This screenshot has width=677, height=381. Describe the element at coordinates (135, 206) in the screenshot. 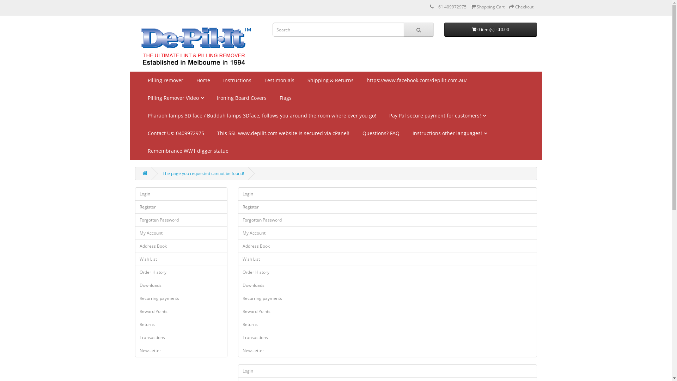

I see `'Register'` at that location.